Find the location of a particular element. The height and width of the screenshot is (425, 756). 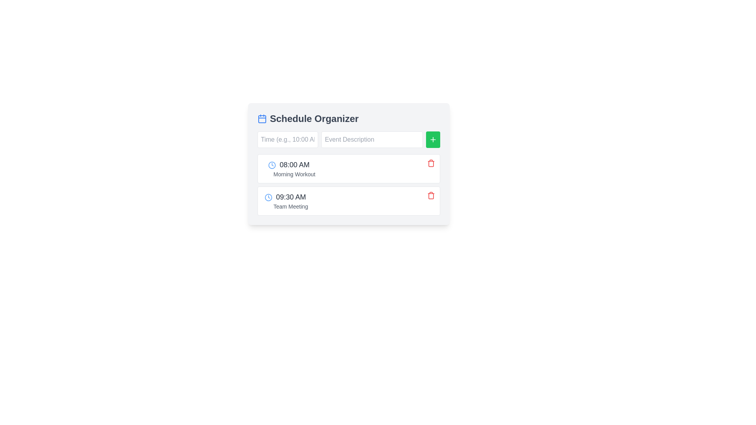

the graphical design of the circular boundary of the clock icon located at the beginning of the second list item representing '09:30 AM Team Meeting' is located at coordinates (272, 165).